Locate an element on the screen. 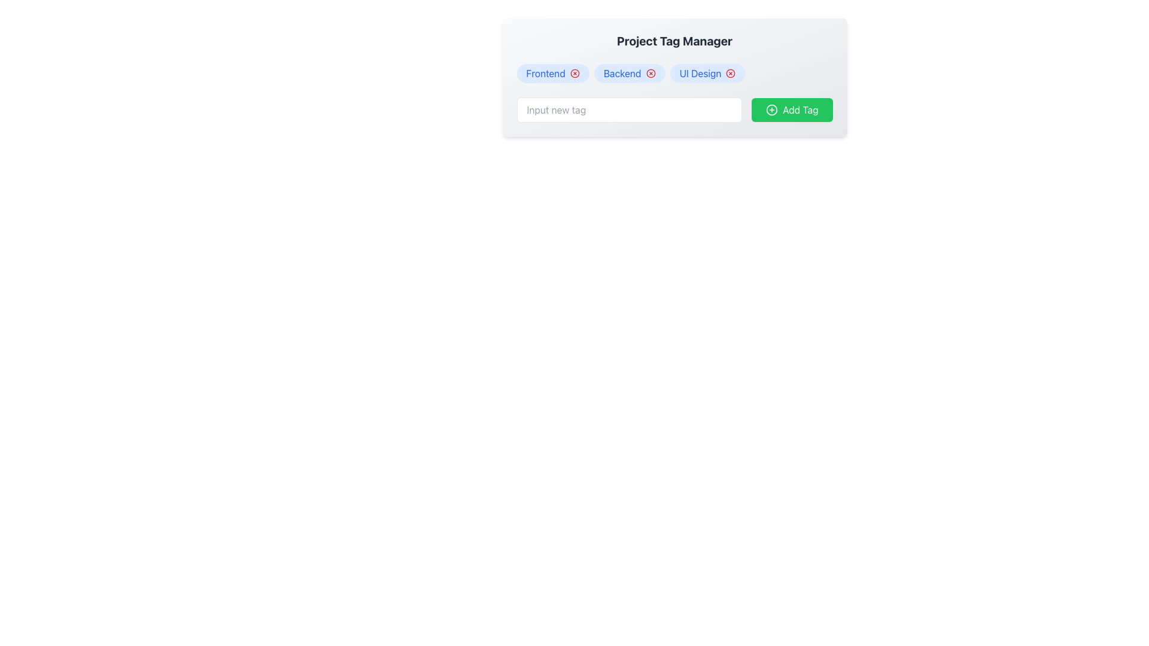 The image size is (1149, 646). the 'Backend' tag label is located at coordinates (622, 74).